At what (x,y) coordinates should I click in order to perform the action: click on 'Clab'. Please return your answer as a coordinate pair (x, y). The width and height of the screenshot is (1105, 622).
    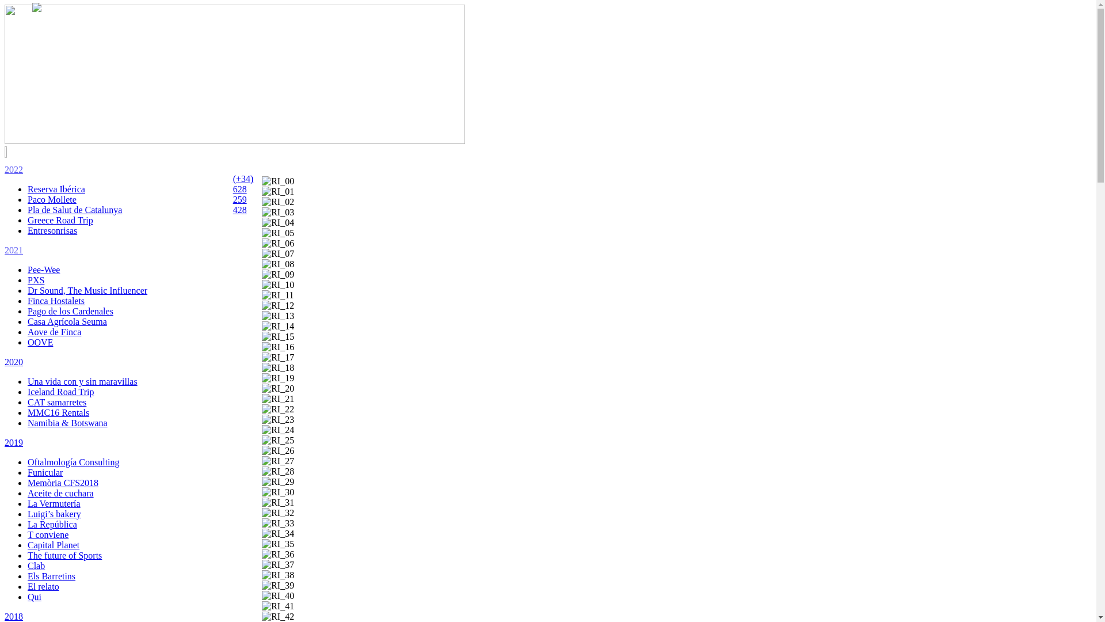
    Looking at the image, I should click on (36, 565).